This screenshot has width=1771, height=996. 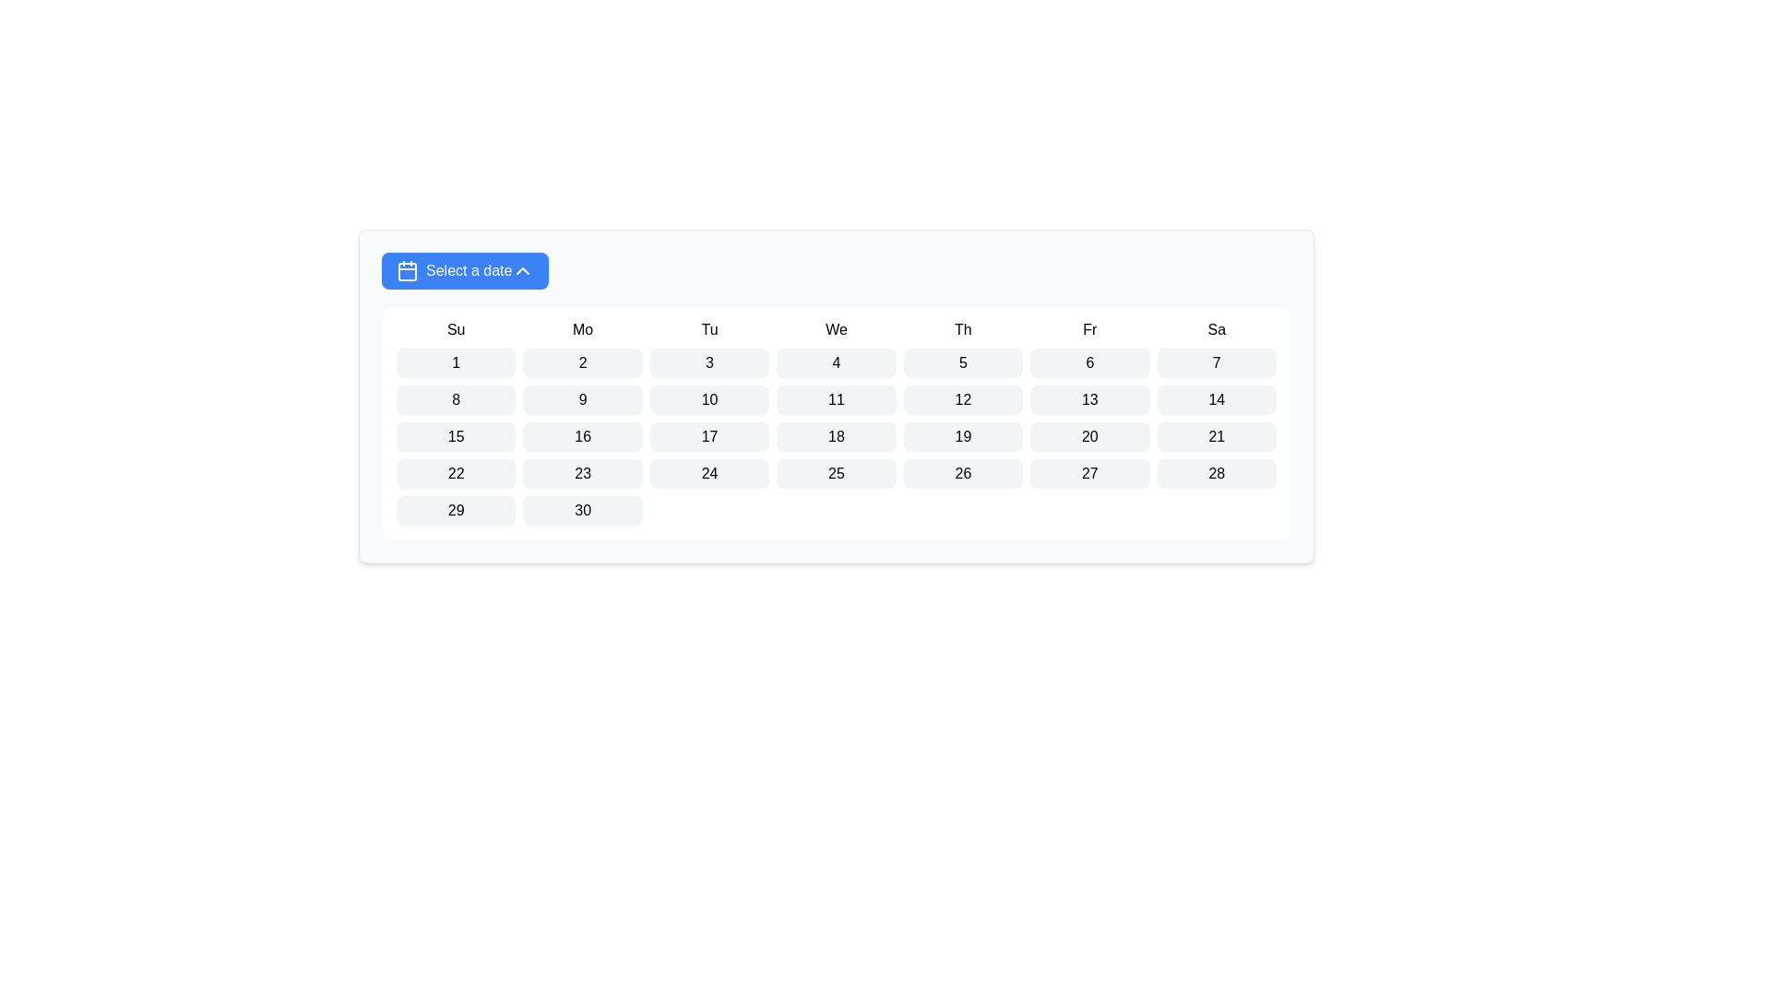 What do you see at coordinates (406, 271) in the screenshot?
I see `the blue rectangular button with rounded corners that represents a calendar or date selection functionality` at bounding box center [406, 271].